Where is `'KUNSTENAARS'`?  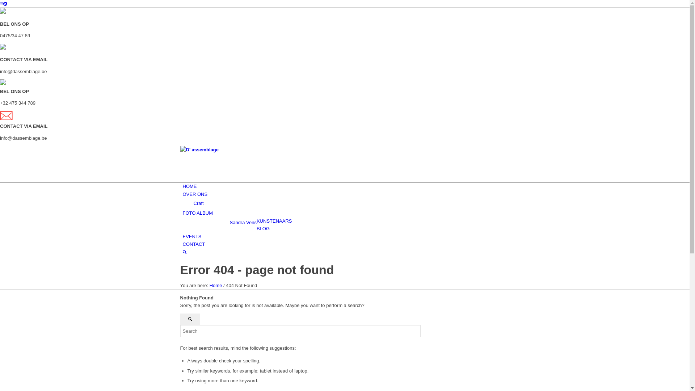
'KUNSTENAARS' is located at coordinates (274, 220).